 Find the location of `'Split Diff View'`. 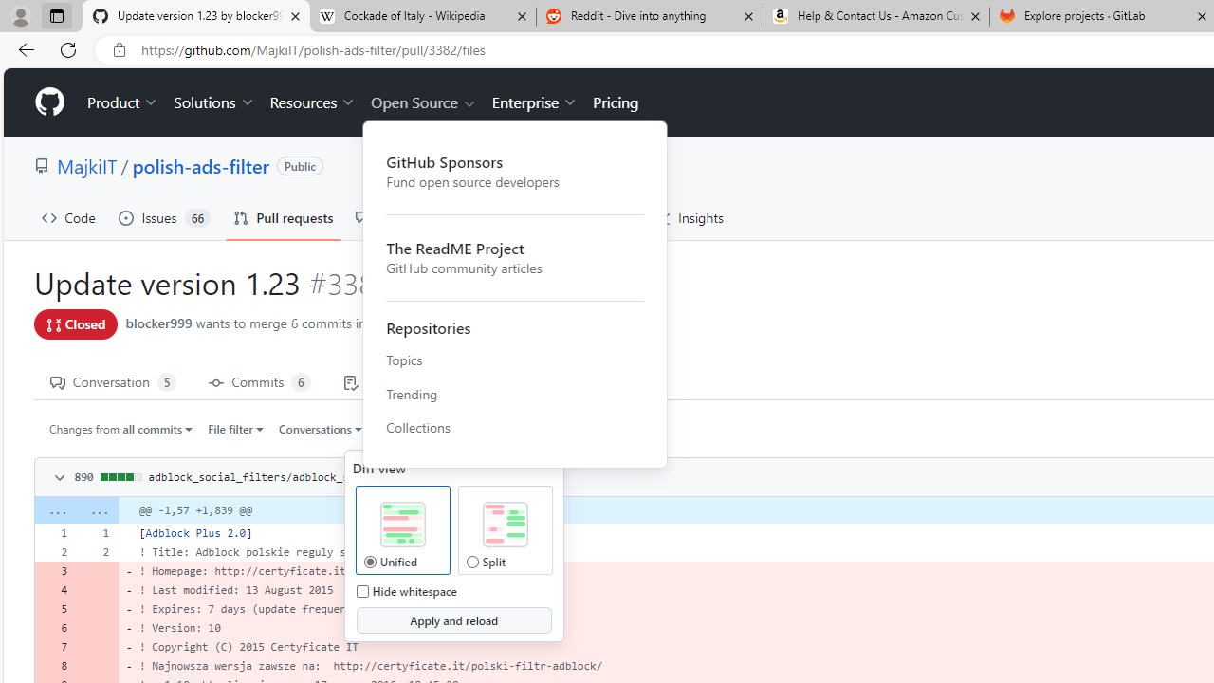

'Split Diff View' is located at coordinates (505, 526).